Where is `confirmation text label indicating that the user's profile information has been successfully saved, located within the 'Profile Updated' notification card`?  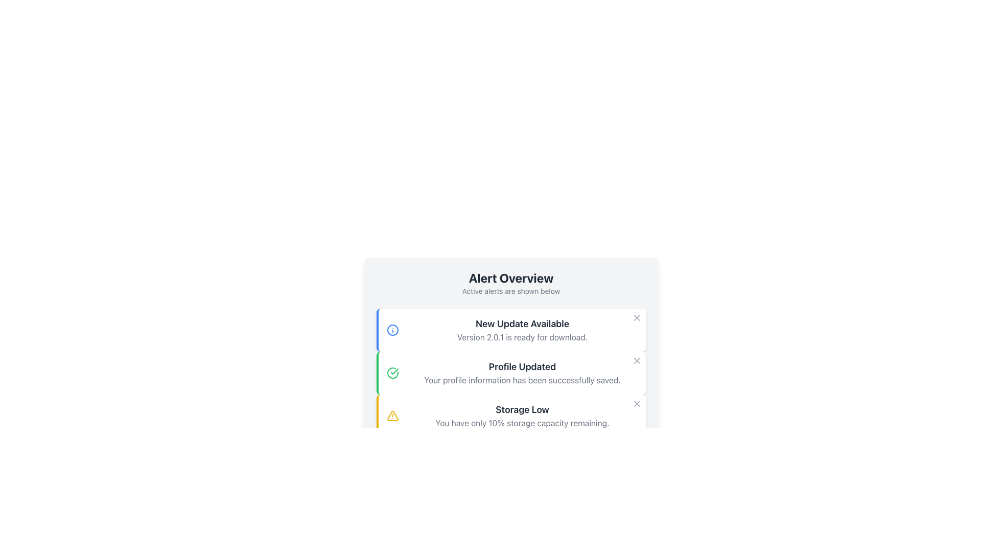 confirmation text label indicating that the user's profile information has been successfully saved, located within the 'Profile Updated' notification card is located at coordinates (522, 380).